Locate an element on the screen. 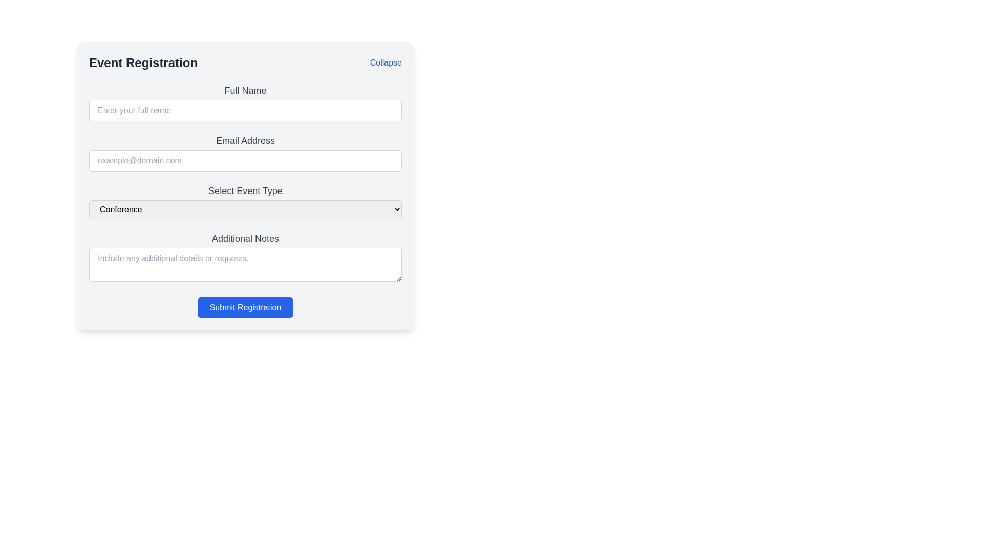 The height and width of the screenshot is (553, 983). the text label that reads 'Additional Notes', which is styled in dark gray and positioned above a text input field is located at coordinates (245, 239).